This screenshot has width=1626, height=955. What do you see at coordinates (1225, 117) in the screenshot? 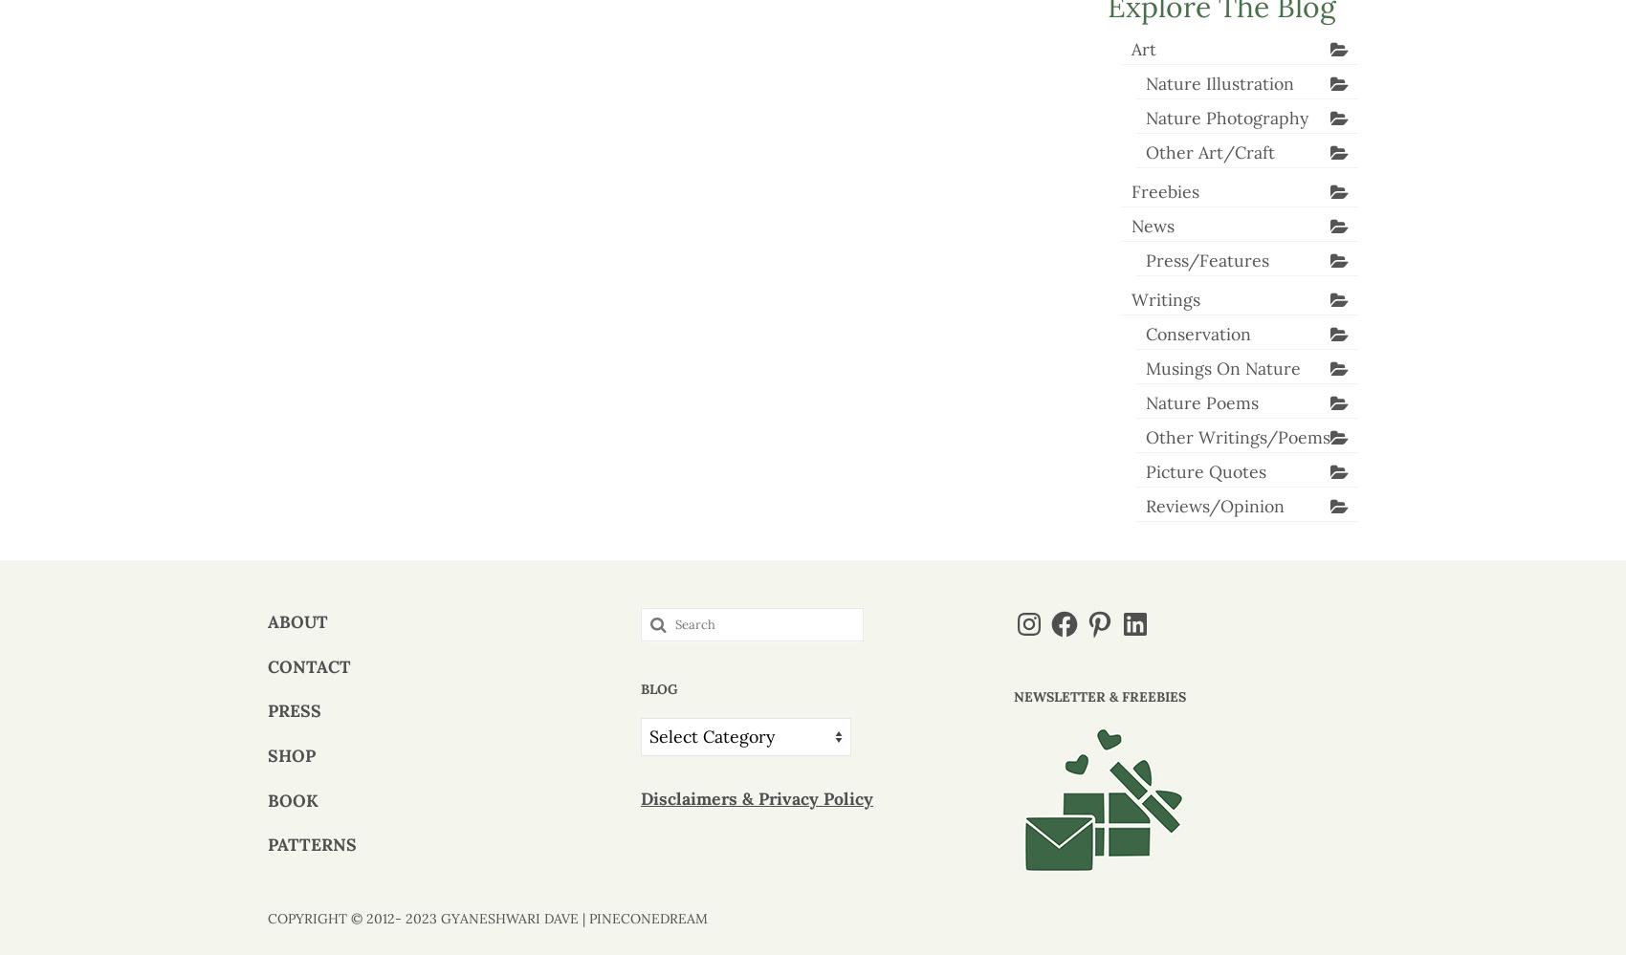
I see `'Nature Photography'` at bounding box center [1225, 117].